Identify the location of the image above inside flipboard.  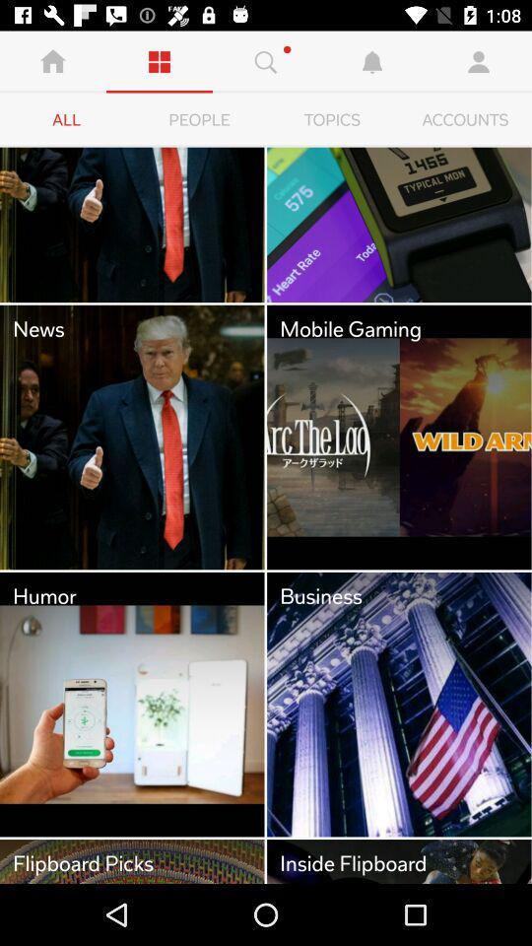
(399, 705).